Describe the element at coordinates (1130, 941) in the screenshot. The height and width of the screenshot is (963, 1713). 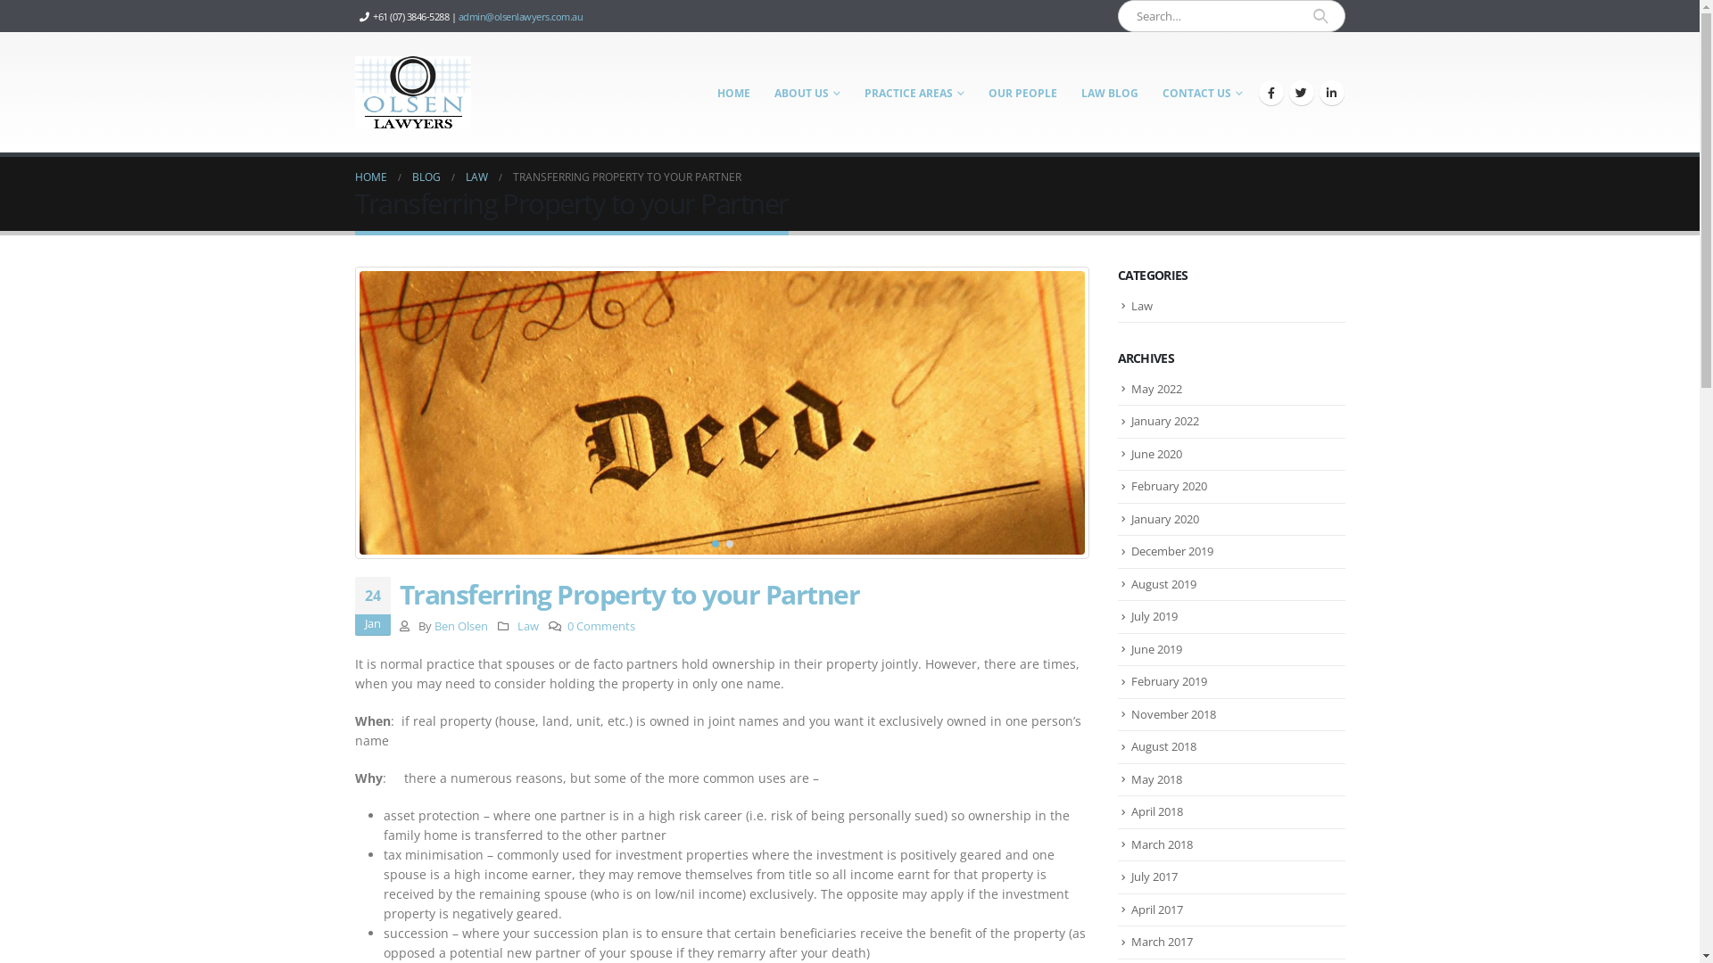
I see `'March 2017'` at that location.